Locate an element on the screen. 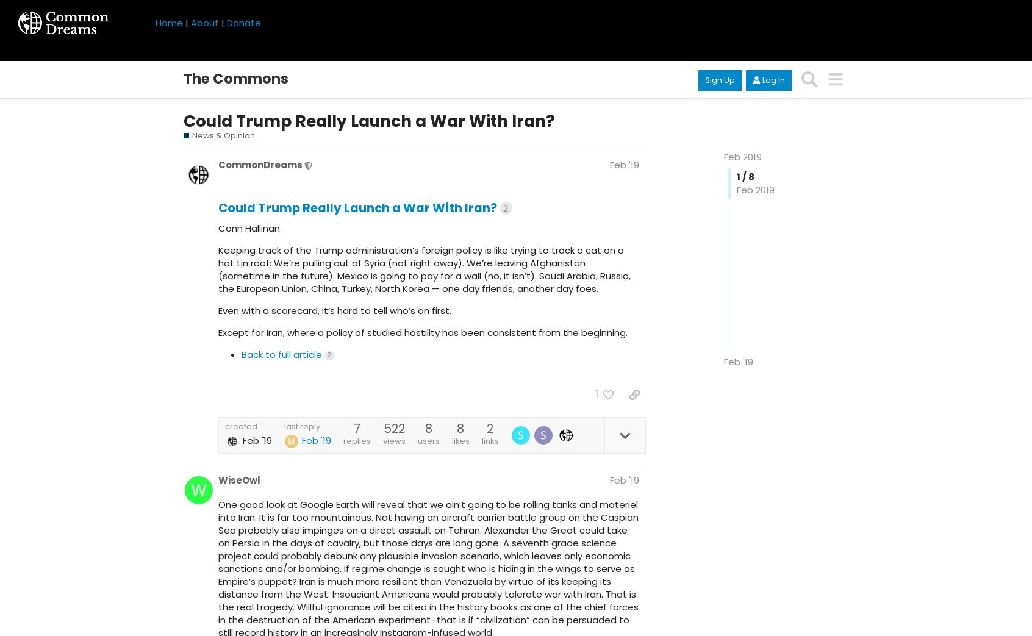 The width and height of the screenshot is (1032, 636). 'last reply' is located at coordinates (301, 426).